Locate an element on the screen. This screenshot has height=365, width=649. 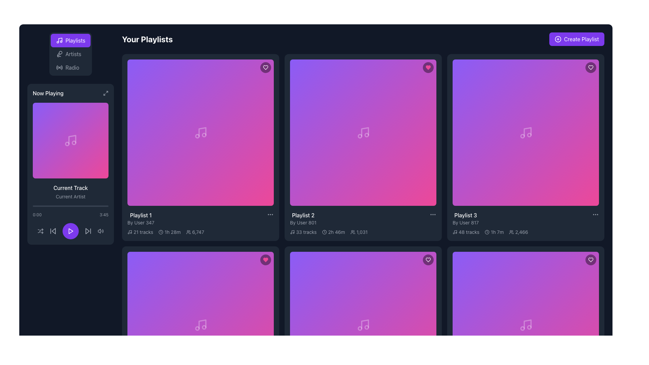
the heart icon in the top-right corner of 'Playlist 2' to mark the playlist as a favorite is located at coordinates (265, 259).